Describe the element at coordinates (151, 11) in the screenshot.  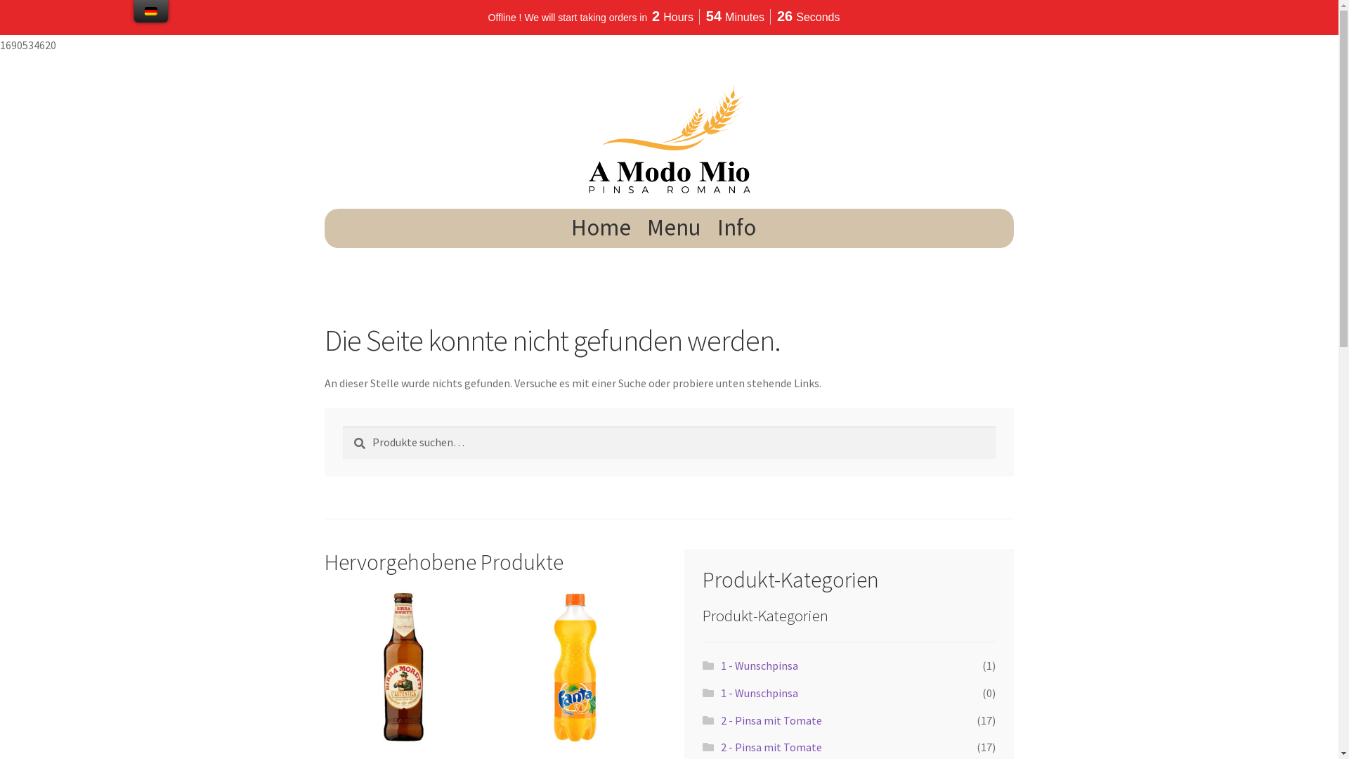
I see `'German'` at that location.